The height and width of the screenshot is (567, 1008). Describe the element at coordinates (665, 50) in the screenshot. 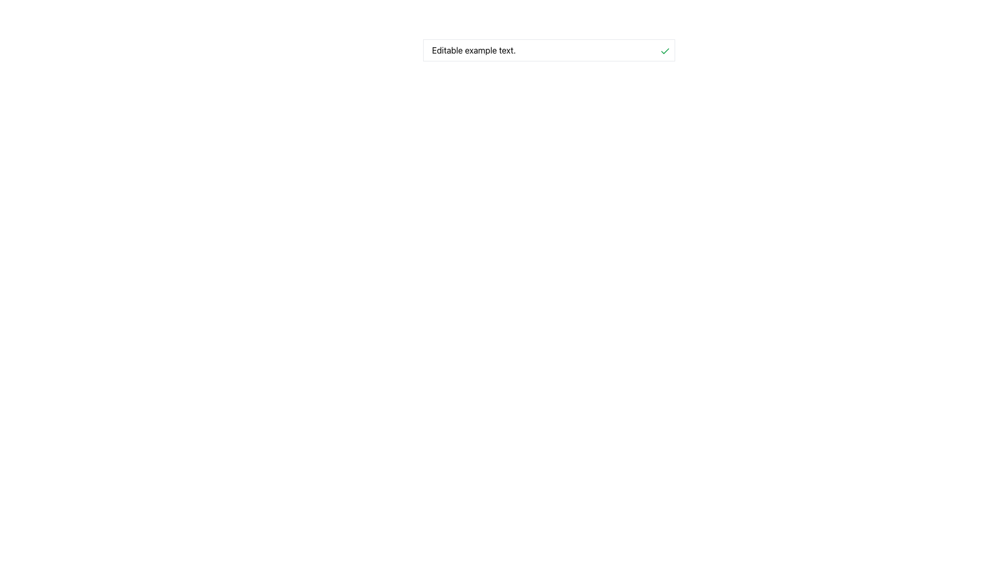

I see `the green outlined checkmark icon located at the end of the text area, which serves as a confirmation indicator for the editable text` at that location.